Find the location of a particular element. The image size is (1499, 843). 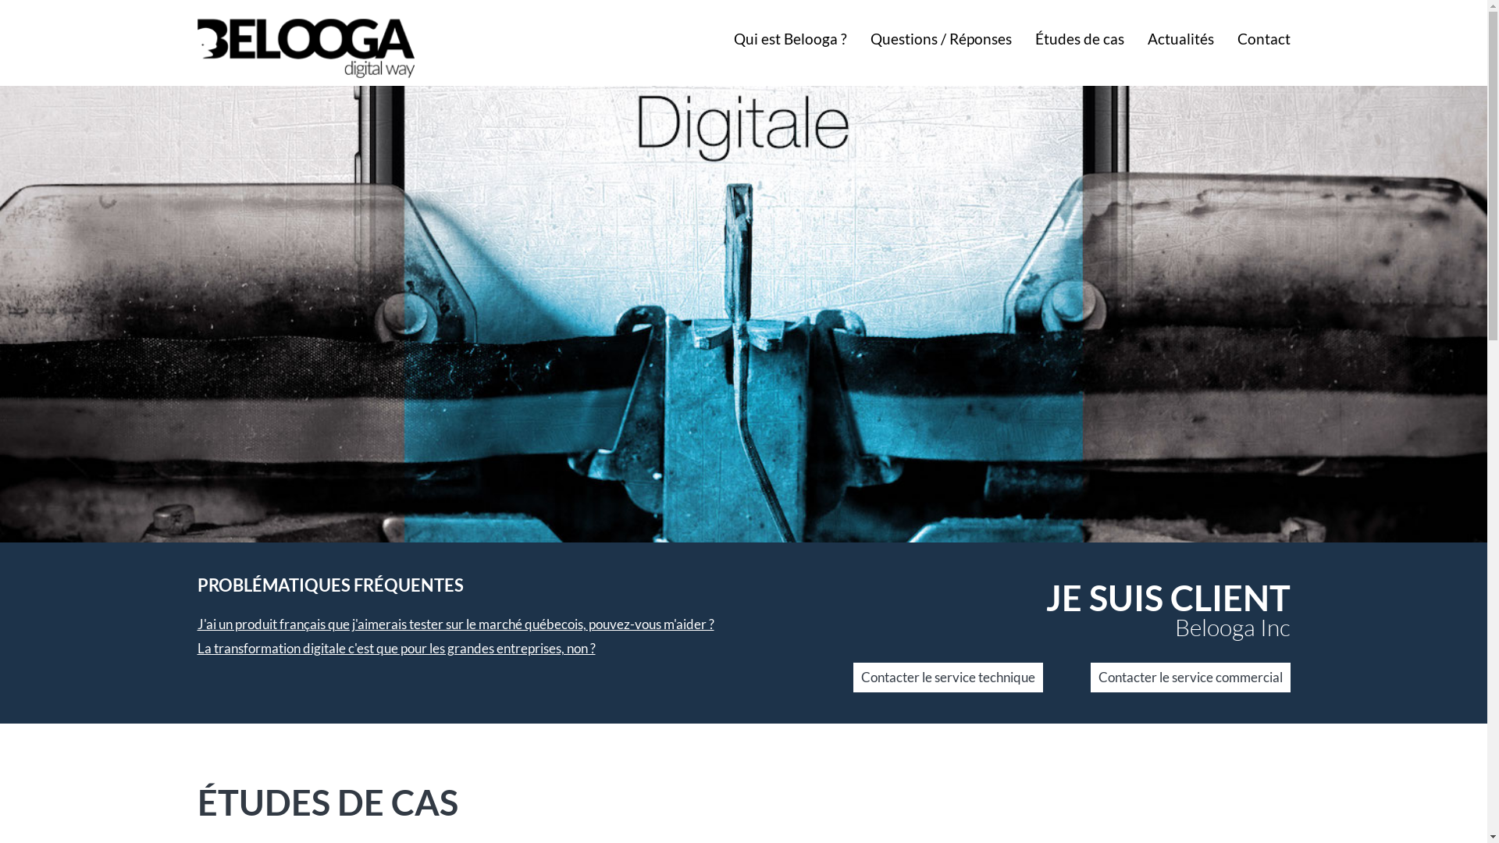

'Contacter le service technique' is located at coordinates (946, 676).